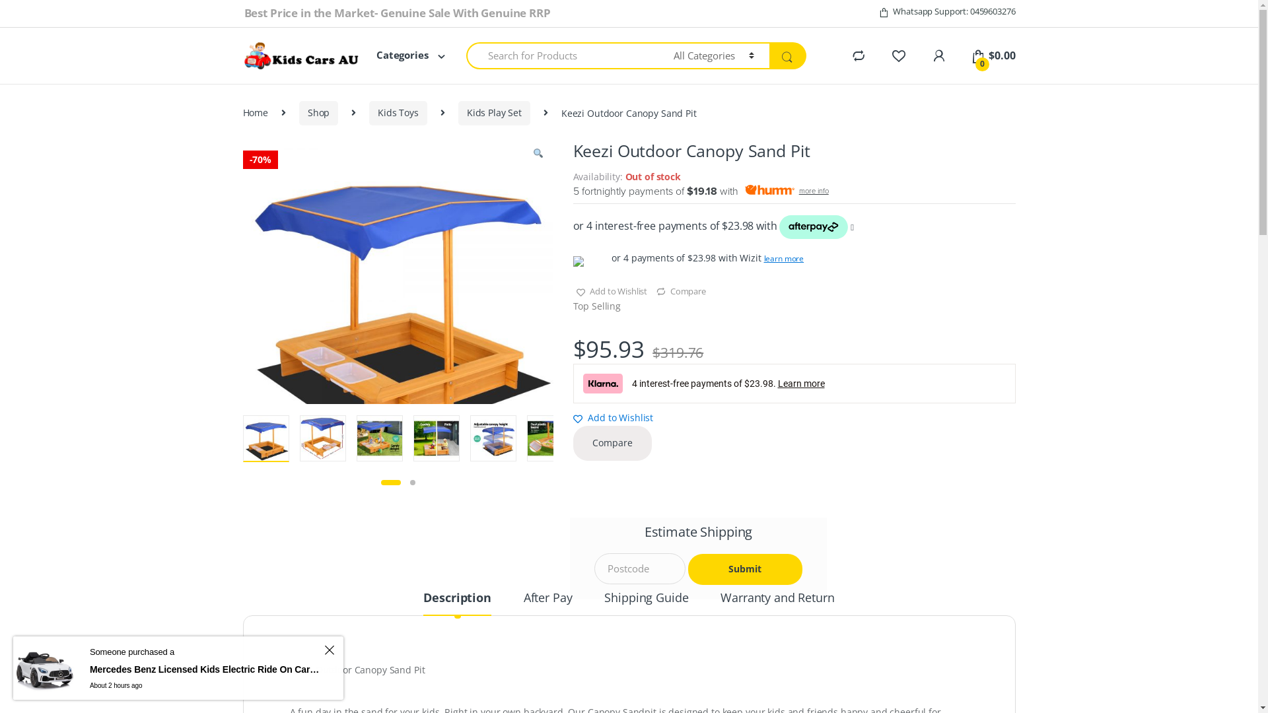 This screenshot has height=713, width=1268. Describe the element at coordinates (878, 12) in the screenshot. I see `'Whatsapp Support: 0459603276'` at that location.